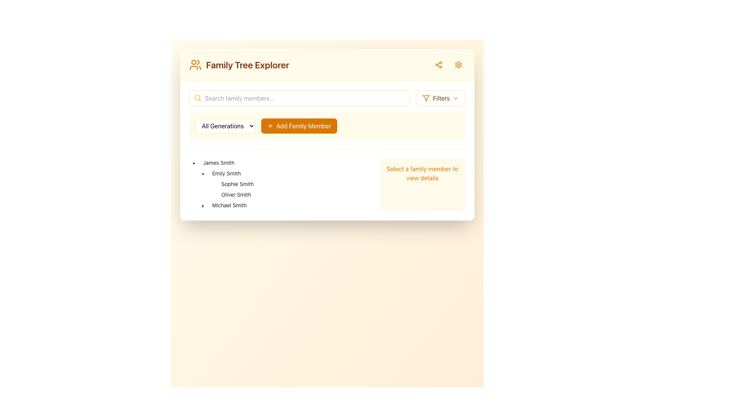 Image resolution: width=730 pixels, height=410 pixels. What do you see at coordinates (197, 98) in the screenshot?
I see `the amber search icon shaped like a magnifying glass, located to the left of the search input box in the yellow-tinted header section` at bounding box center [197, 98].